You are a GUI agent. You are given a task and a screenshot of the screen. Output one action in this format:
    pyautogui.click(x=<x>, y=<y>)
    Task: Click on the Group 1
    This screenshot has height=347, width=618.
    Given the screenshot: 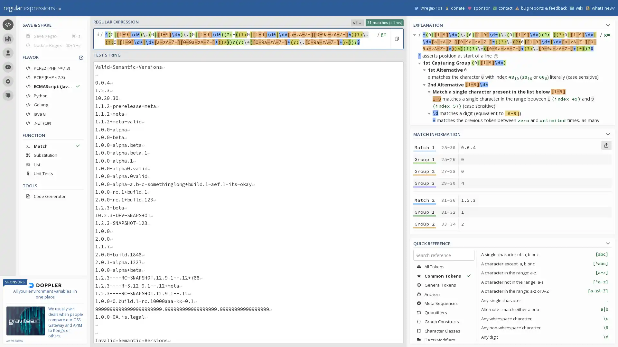 What is the action you would take?
    pyautogui.click(x=425, y=265)
    